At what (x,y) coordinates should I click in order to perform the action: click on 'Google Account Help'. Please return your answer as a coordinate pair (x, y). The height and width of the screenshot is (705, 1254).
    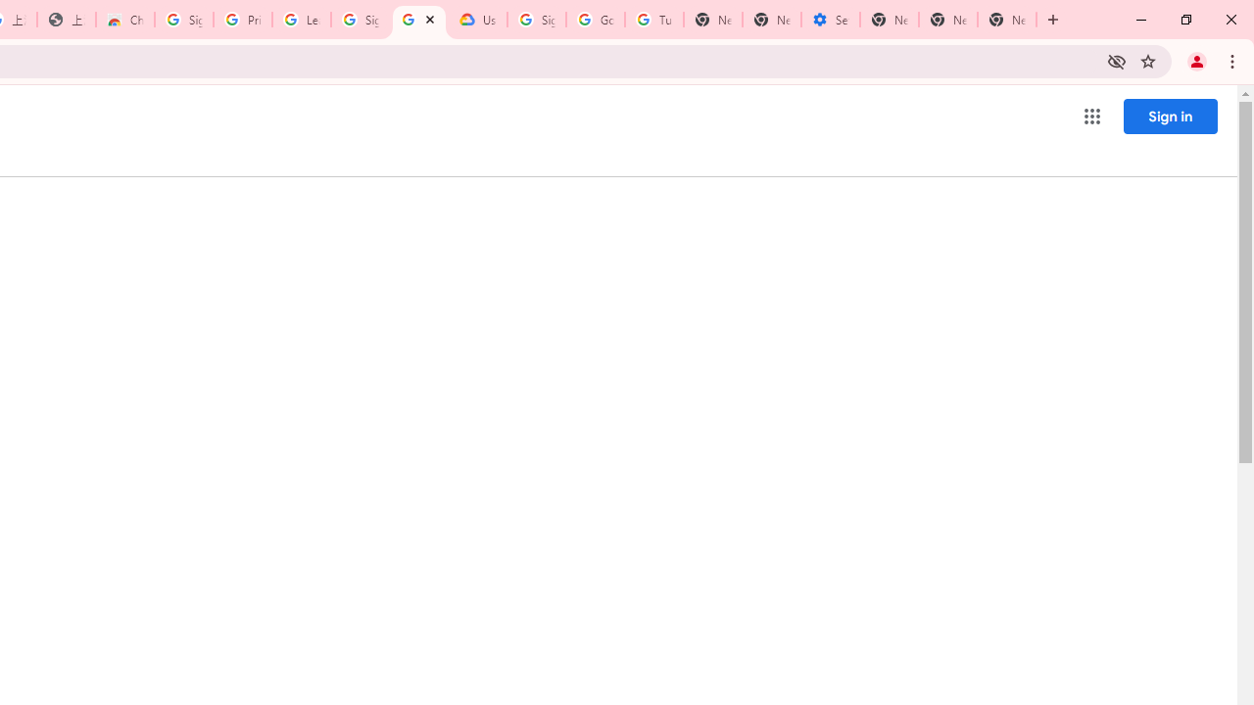
    Looking at the image, I should click on (595, 20).